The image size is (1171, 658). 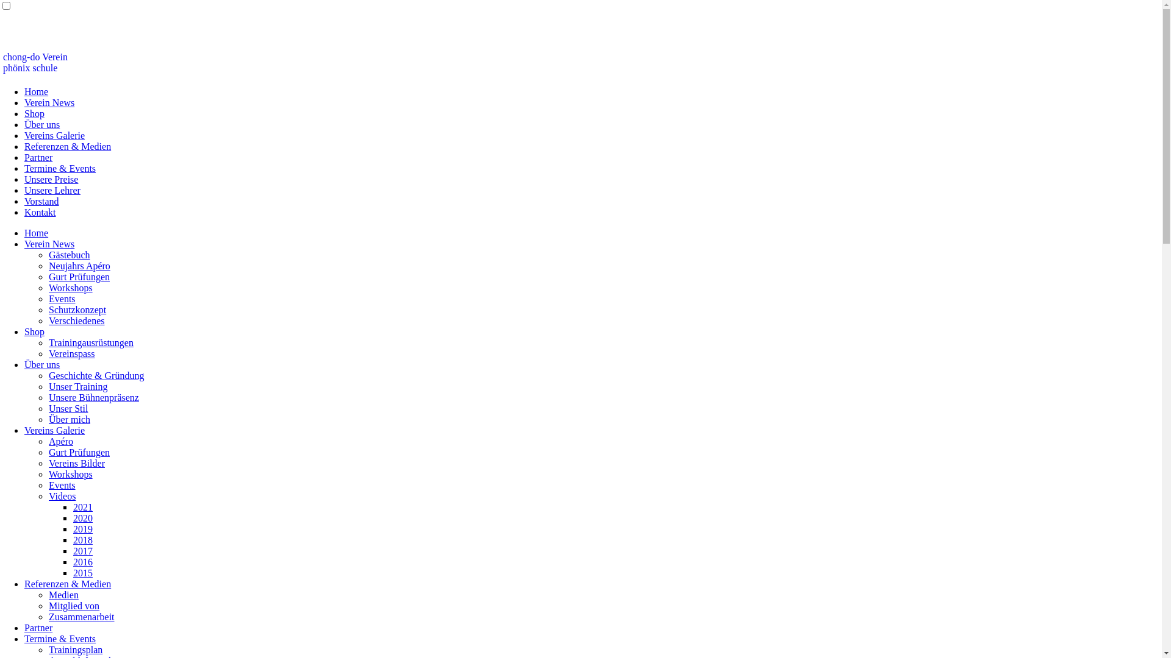 What do you see at coordinates (61, 496) in the screenshot?
I see `'Videos'` at bounding box center [61, 496].